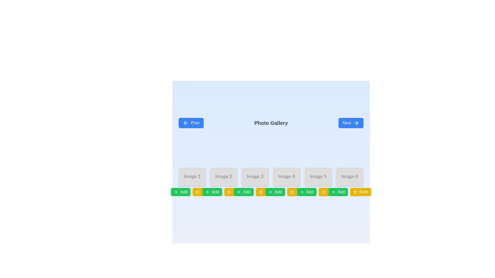 This screenshot has height=278, width=495. I want to click on the right-pointing arrow icon that is part of the 'Next' button, so click(357, 123).